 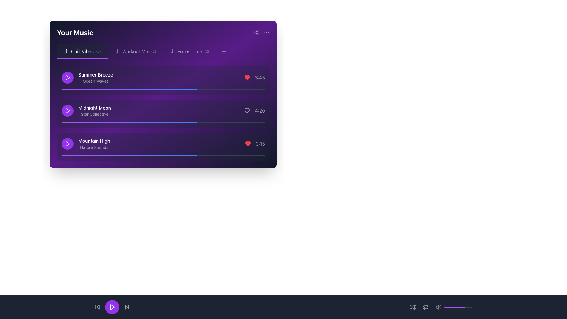 What do you see at coordinates (95, 74) in the screenshot?
I see `the non-interactive text label displaying the title 'Summer Breeze', which is the first track entry in the 'Chill Vibes' category list` at bounding box center [95, 74].